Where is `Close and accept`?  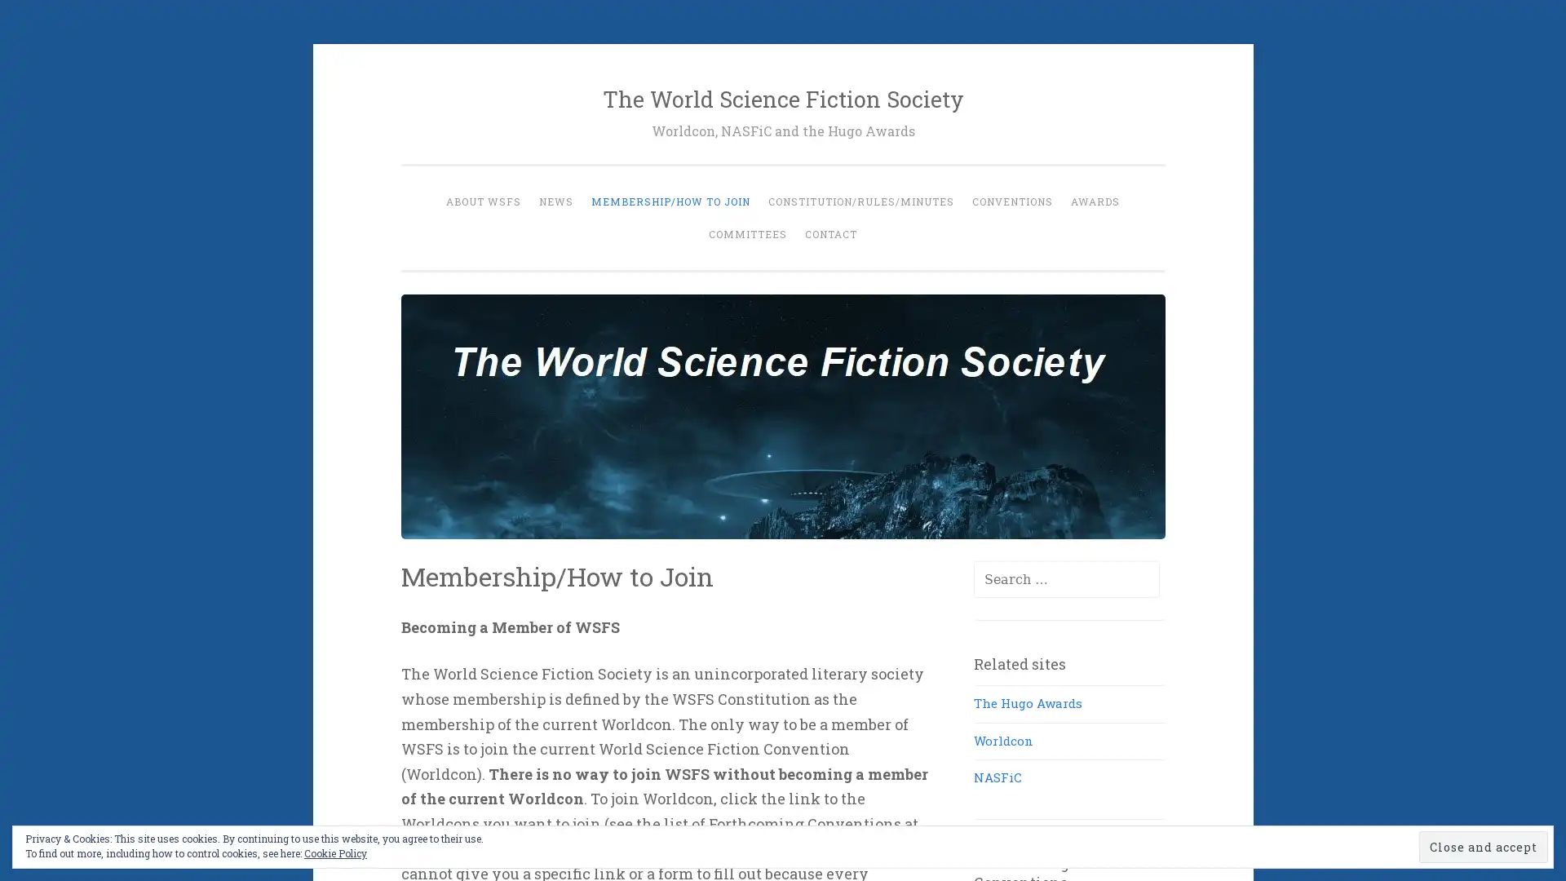 Close and accept is located at coordinates (1484, 846).